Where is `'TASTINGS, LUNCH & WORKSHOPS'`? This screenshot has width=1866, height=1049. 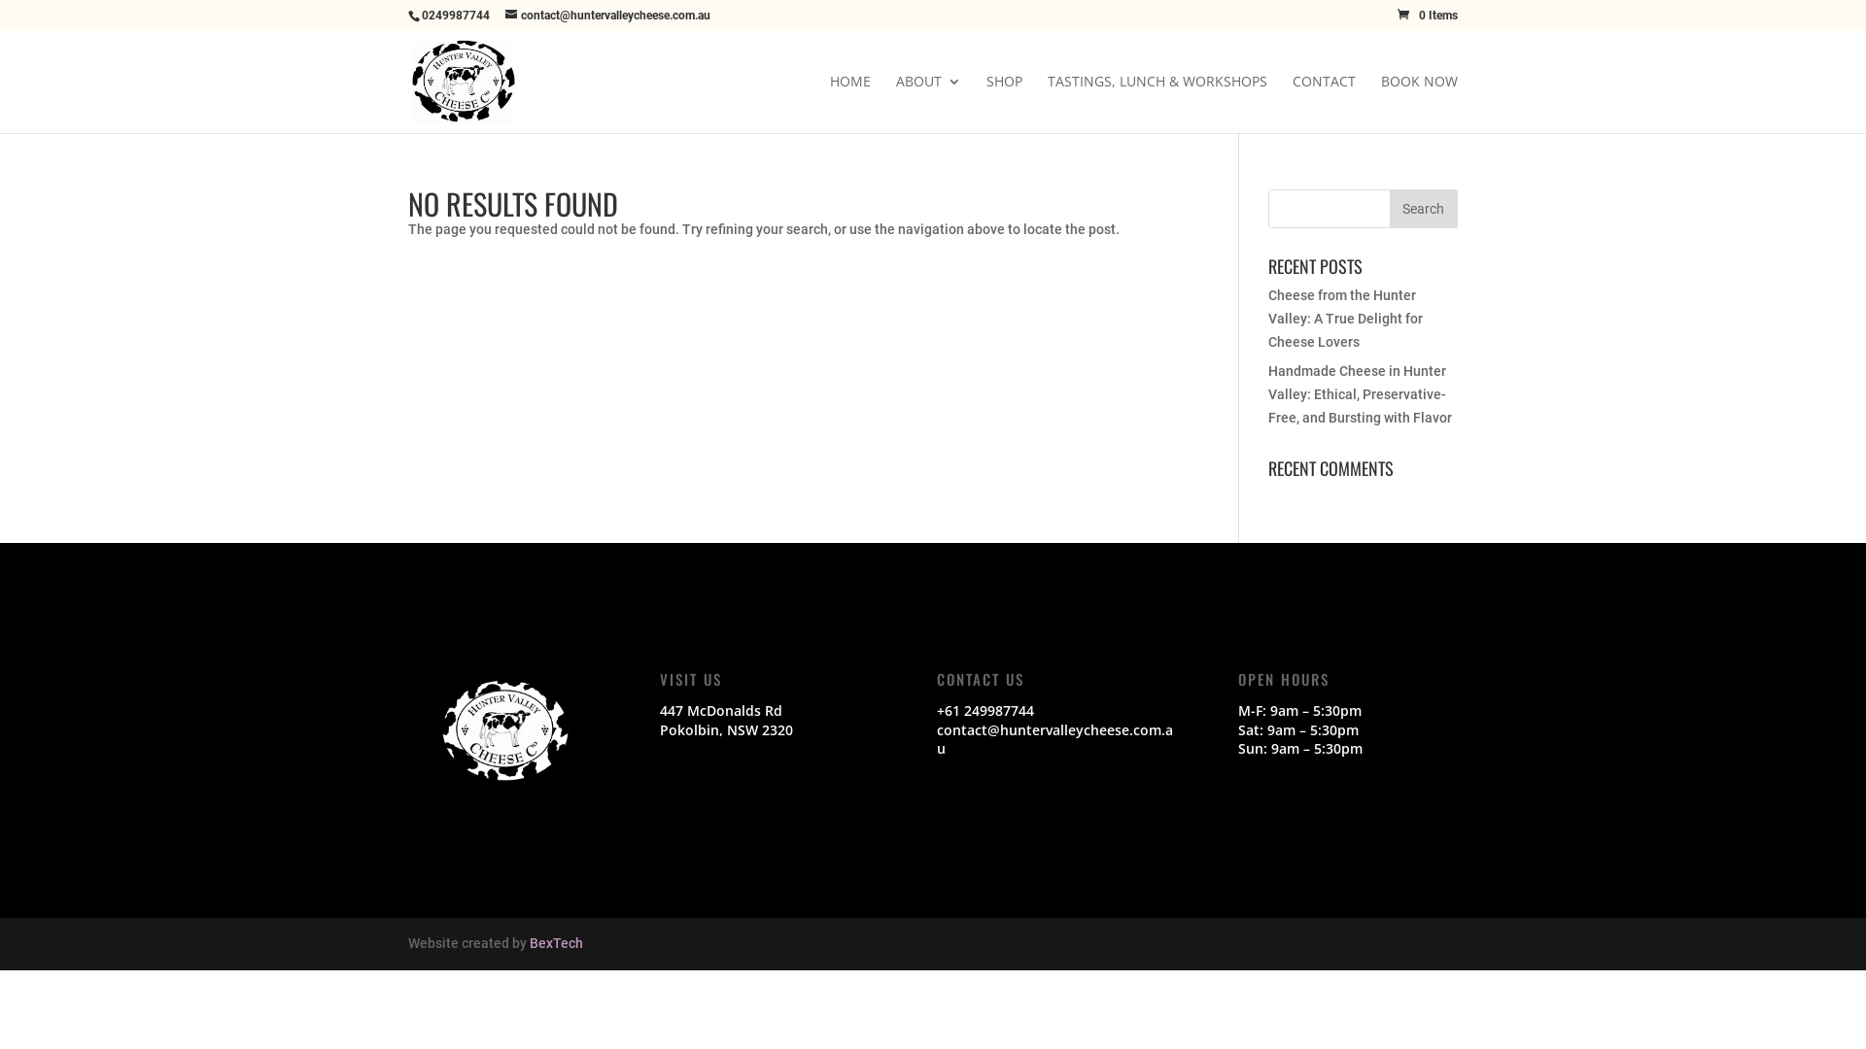 'TASTINGS, LUNCH & WORKSHOPS' is located at coordinates (1157, 104).